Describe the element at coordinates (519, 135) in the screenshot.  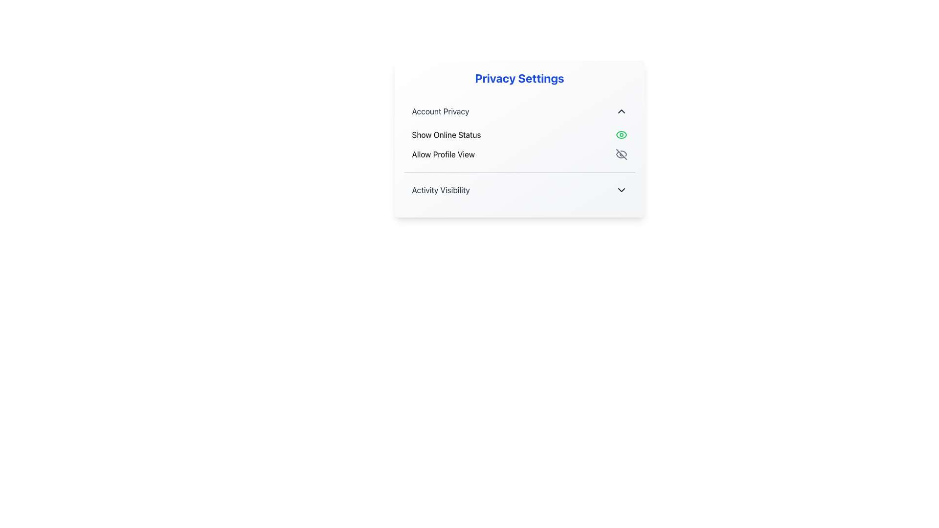
I see `the first List item with a status indicator under the 'Privacy Settings' section` at that location.